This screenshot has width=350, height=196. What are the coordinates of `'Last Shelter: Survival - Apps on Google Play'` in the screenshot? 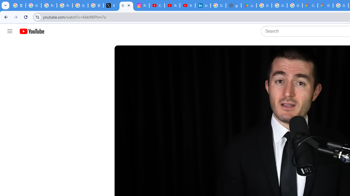 It's located at (249, 5).